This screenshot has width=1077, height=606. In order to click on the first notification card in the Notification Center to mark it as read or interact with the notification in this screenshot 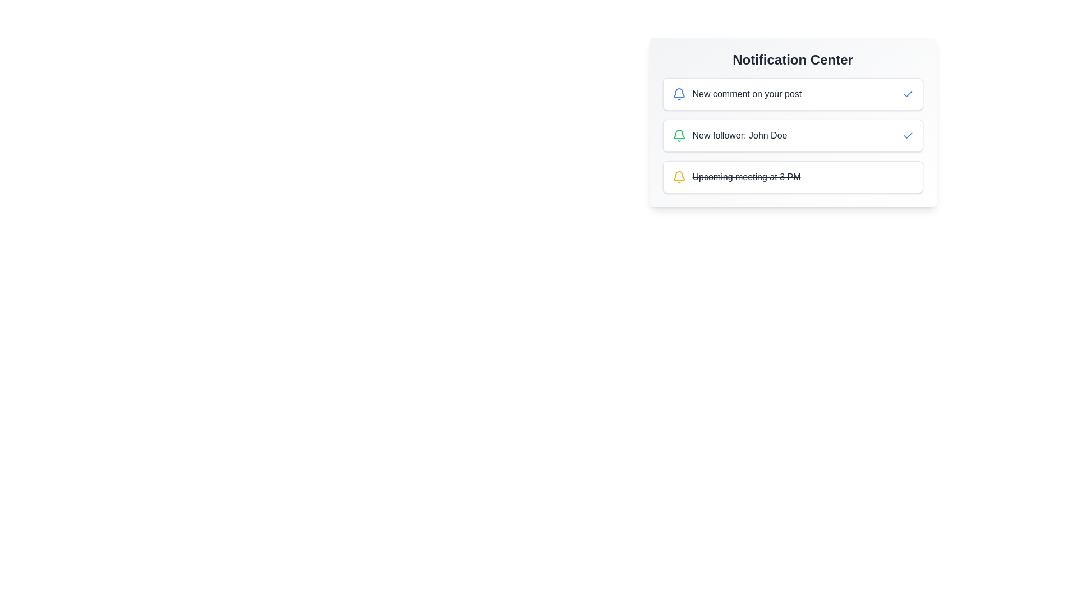, I will do `click(792, 94)`.